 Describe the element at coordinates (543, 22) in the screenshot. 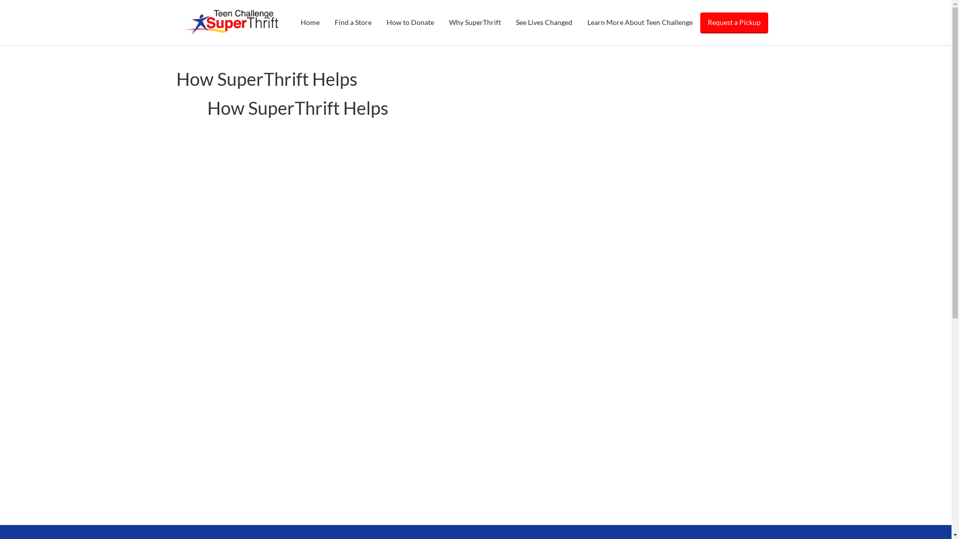

I see `'See Lives Changed'` at that location.